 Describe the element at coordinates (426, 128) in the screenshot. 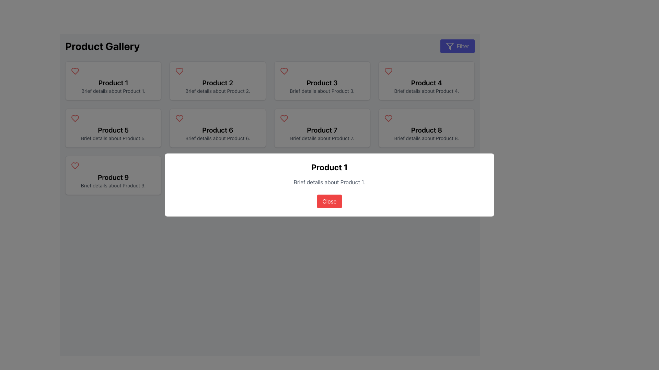

I see `the Card element presenting a product summary located in the second row and fourth column of the product grid` at that location.